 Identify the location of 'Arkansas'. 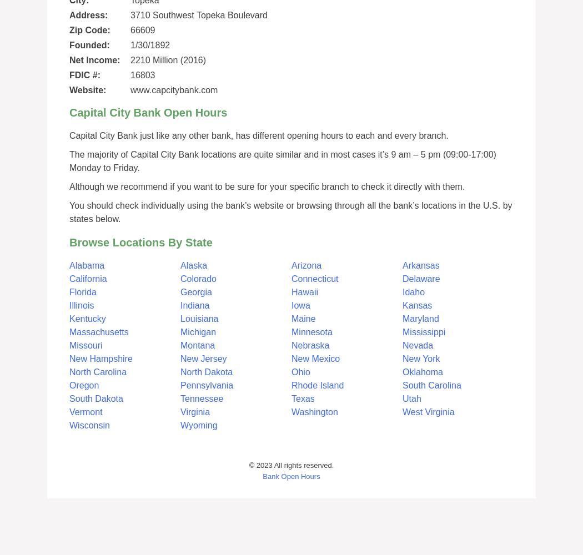
(420, 265).